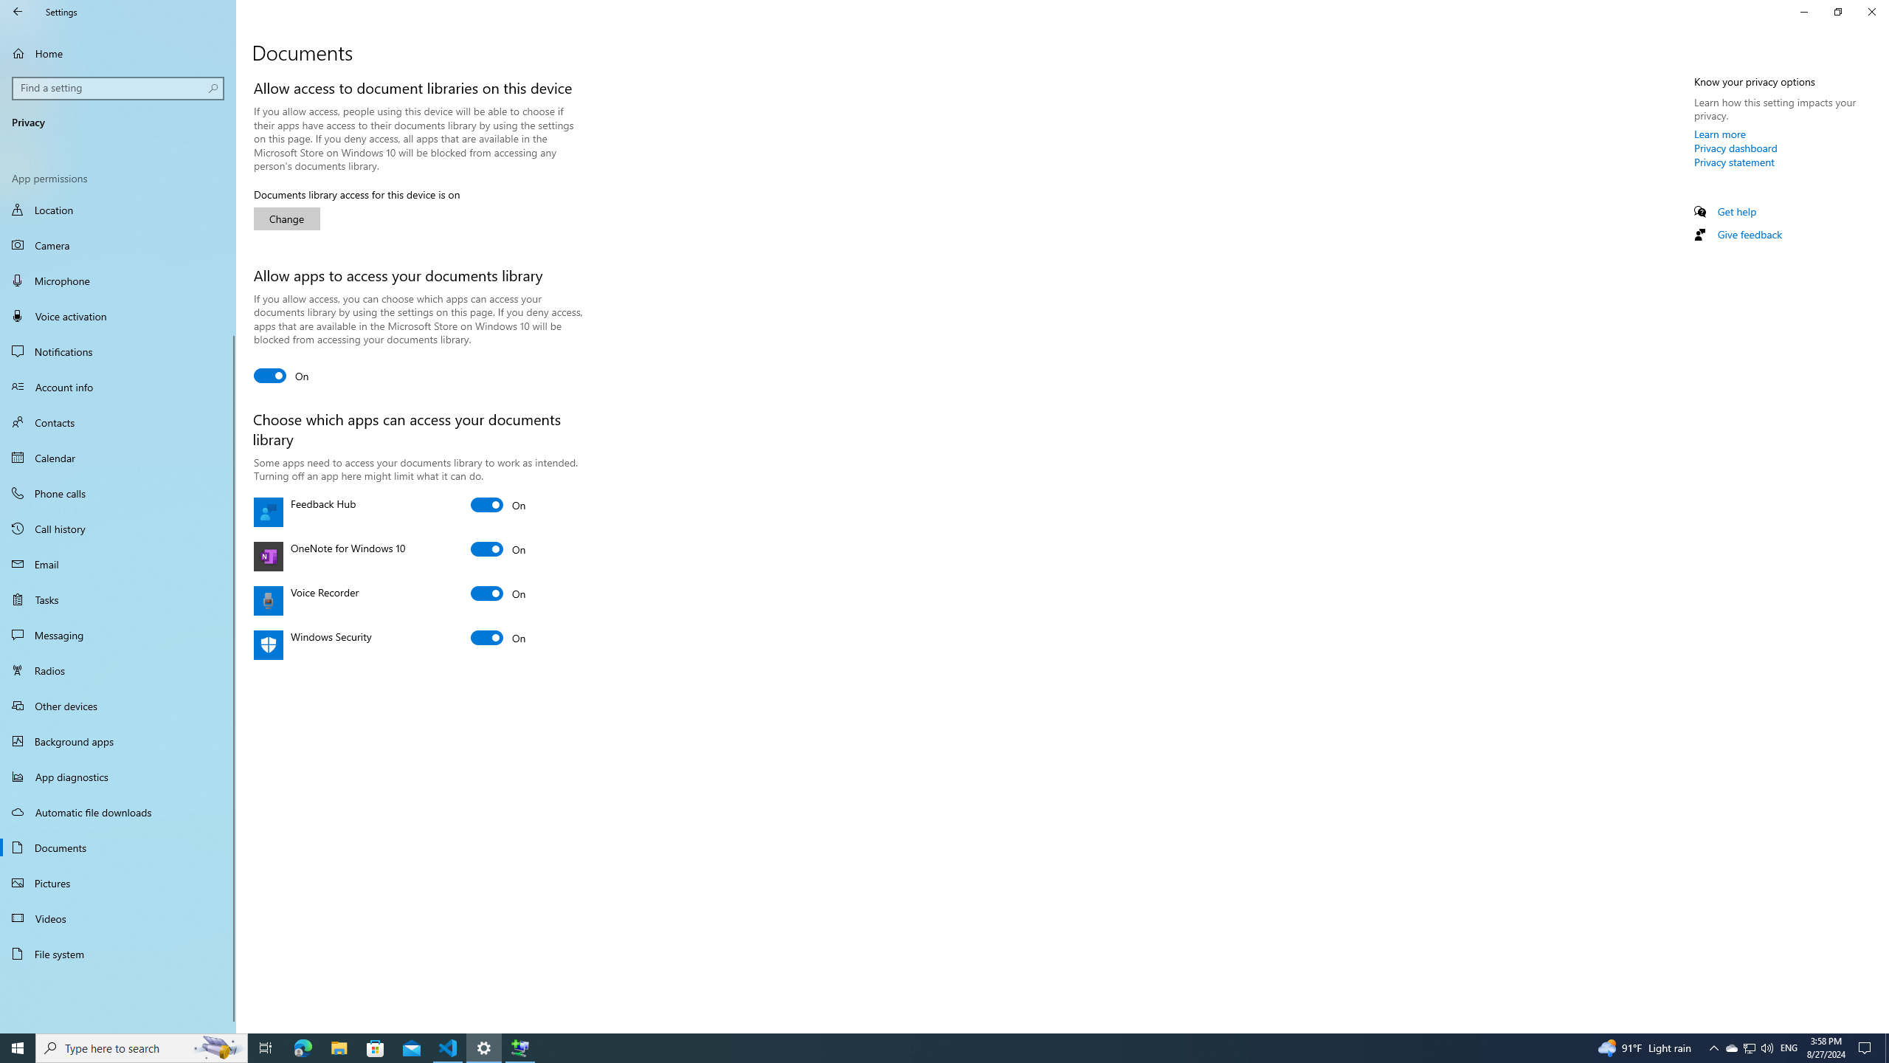 The width and height of the screenshot is (1889, 1063). What do you see at coordinates (1867, 1047) in the screenshot?
I see `'Action Center, No new notifications'` at bounding box center [1867, 1047].